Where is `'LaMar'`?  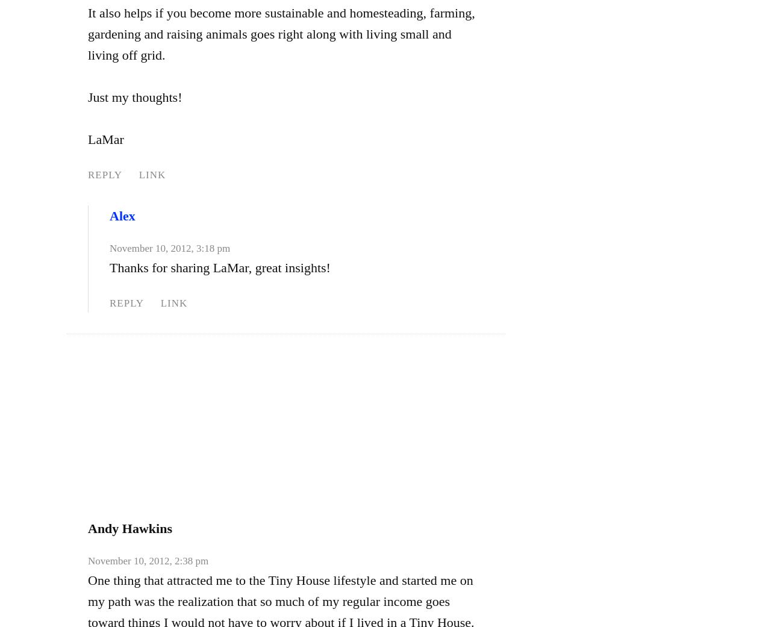 'LaMar' is located at coordinates (105, 139).